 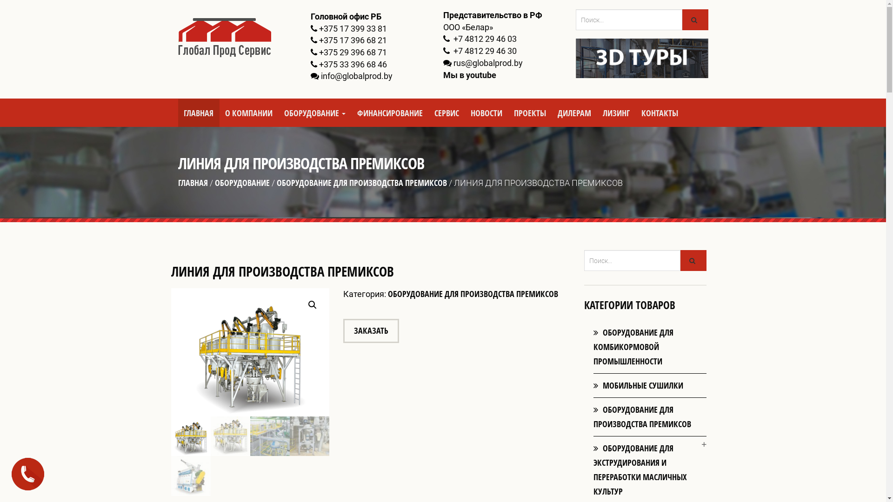 I want to click on '+375 17 399 33 81', so click(x=352, y=28).